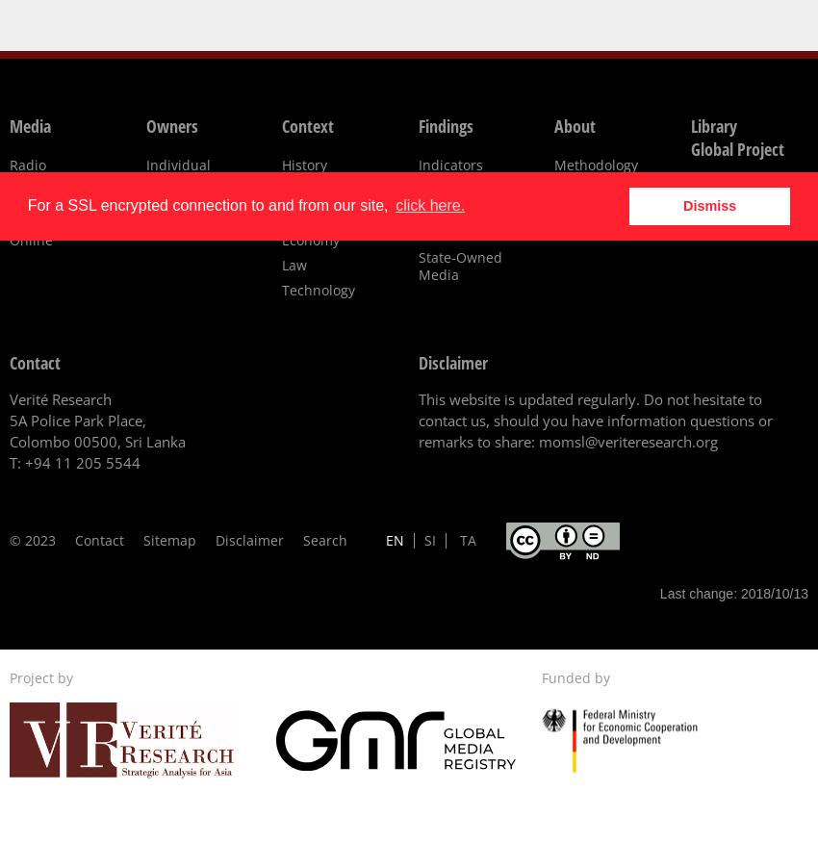 This screenshot has width=818, height=842. Describe the element at coordinates (451, 223) in the screenshot. I see `'Political Affiliations'` at that location.